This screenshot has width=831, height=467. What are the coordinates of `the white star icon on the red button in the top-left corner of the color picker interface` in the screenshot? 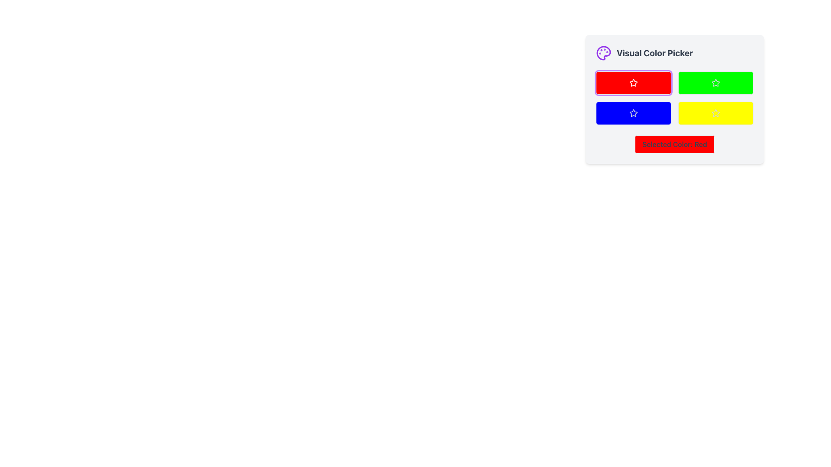 It's located at (634, 83).